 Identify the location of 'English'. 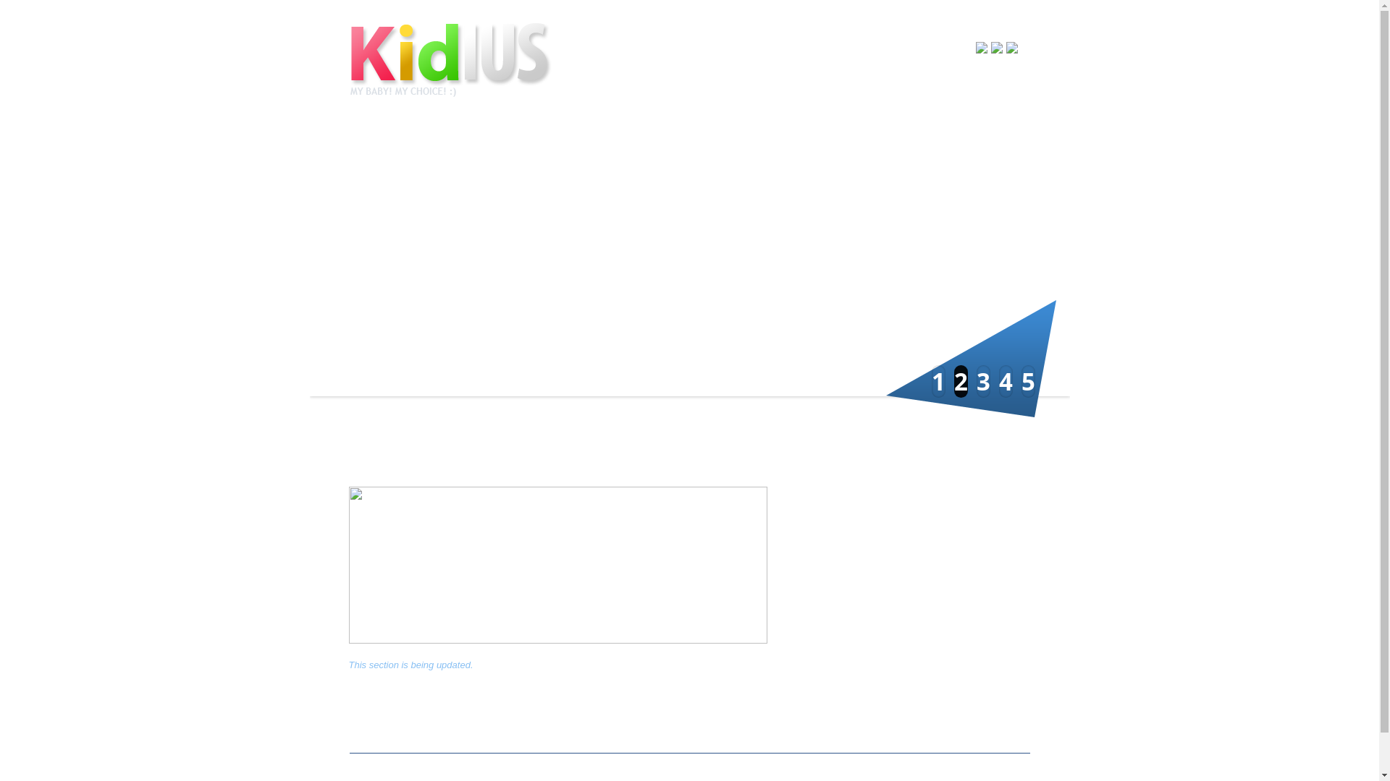
(990, 46).